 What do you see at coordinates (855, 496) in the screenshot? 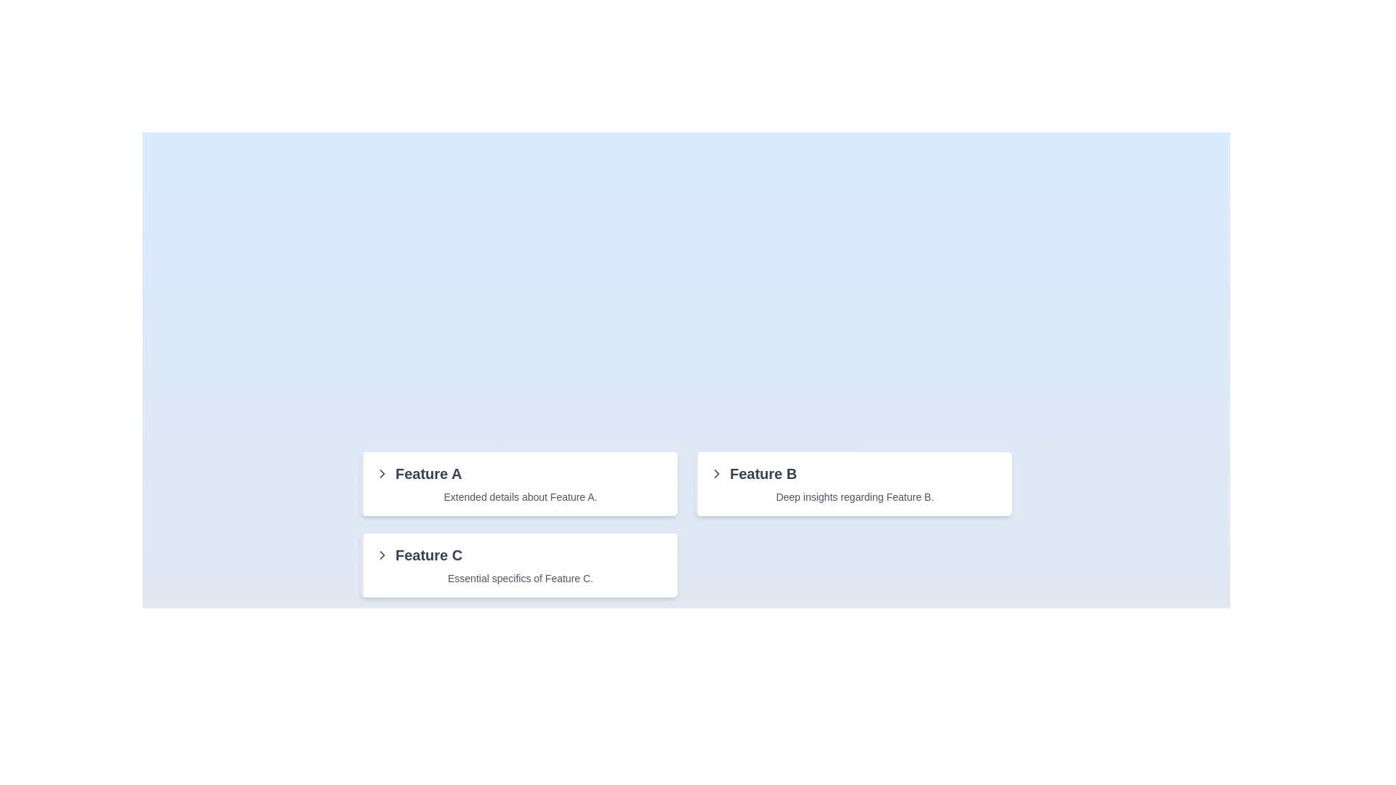
I see `the text label that provides a descriptive insight about 'Feature B', located beneath the title 'Feature B' in a card-like structure` at bounding box center [855, 496].